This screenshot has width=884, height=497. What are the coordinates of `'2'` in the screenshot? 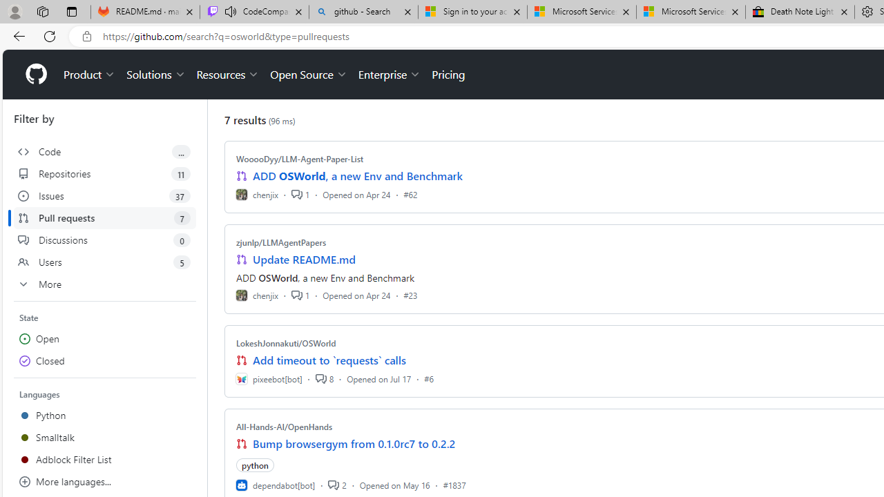 It's located at (337, 484).